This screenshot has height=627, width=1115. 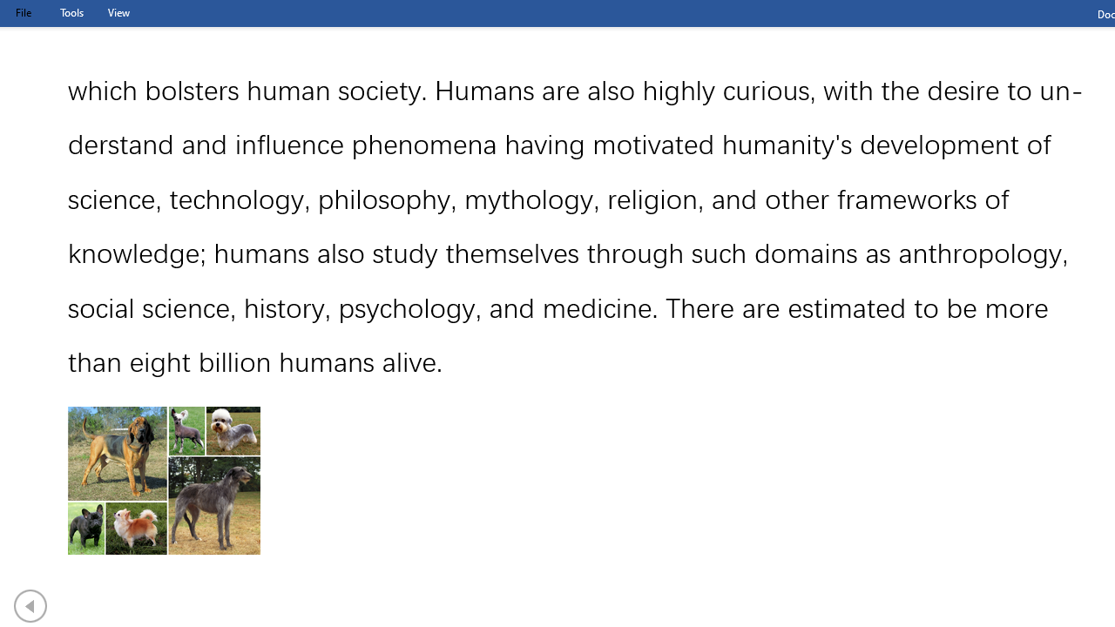 What do you see at coordinates (164, 481) in the screenshot?
I see `'Morphological variation in six dogs'` at bounding box center [164, 481].